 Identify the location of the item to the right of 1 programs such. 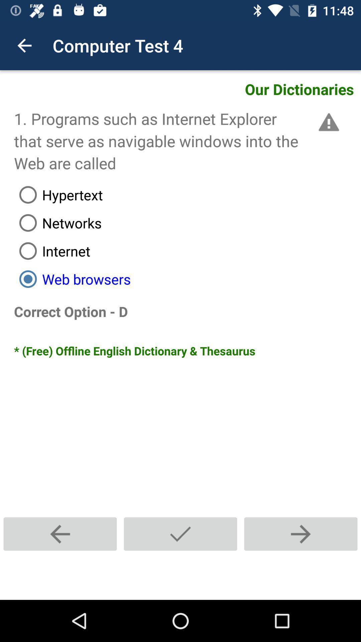
(327, 122).